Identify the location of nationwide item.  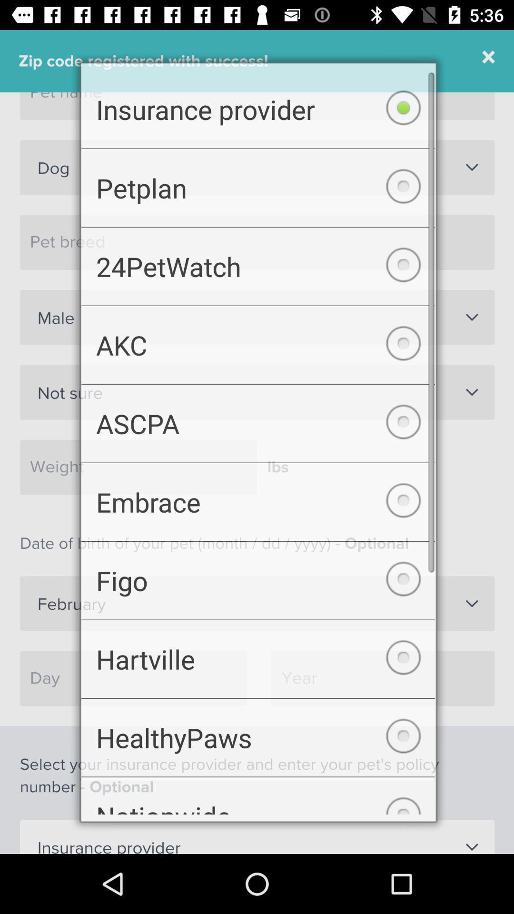
(258, 805).